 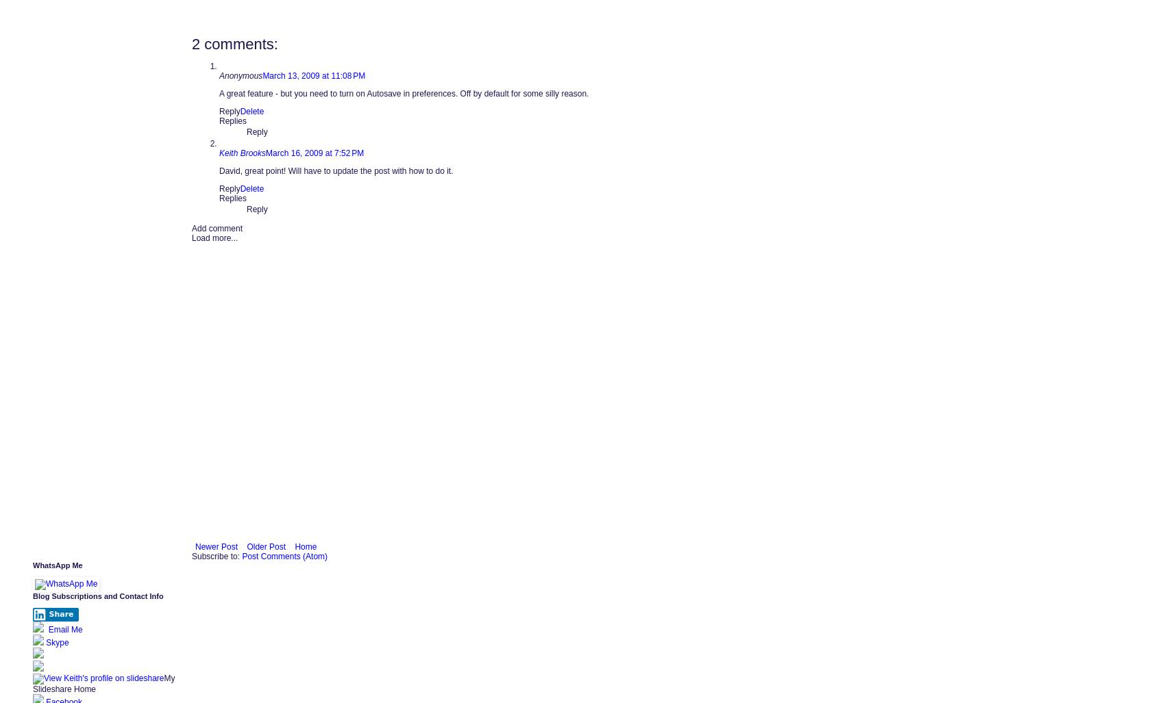 What do you see at coordinates (312, 75) in the screenshot?
I see `'March 13, 2009 at 11:08 PM'` at bounding box center [312, 75].